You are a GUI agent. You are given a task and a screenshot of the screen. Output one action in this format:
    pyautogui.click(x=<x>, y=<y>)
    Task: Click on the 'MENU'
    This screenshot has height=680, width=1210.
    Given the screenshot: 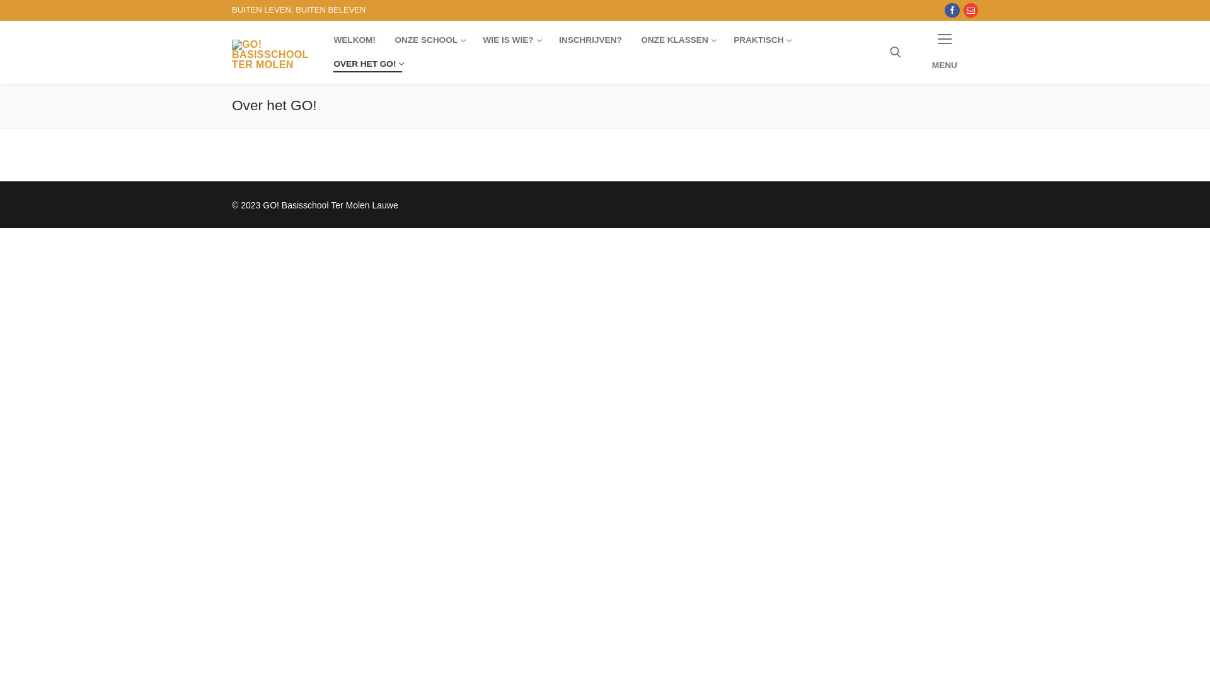 What is the action you would take?
    pyautogui.click(x=911, y=51)
    